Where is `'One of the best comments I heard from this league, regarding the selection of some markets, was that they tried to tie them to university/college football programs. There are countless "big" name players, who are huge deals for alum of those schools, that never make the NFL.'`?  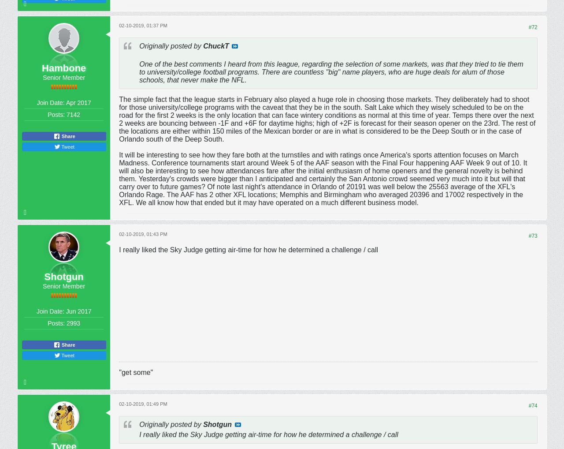
'One of the best comments I heard from this league, regarding the selection of some markets, was that they tried to tie them to university/college football programs. There are countless "big" name players, who are huge deals for alum of those schools, that never make the NFL.' is located at coordinates (330, 71).